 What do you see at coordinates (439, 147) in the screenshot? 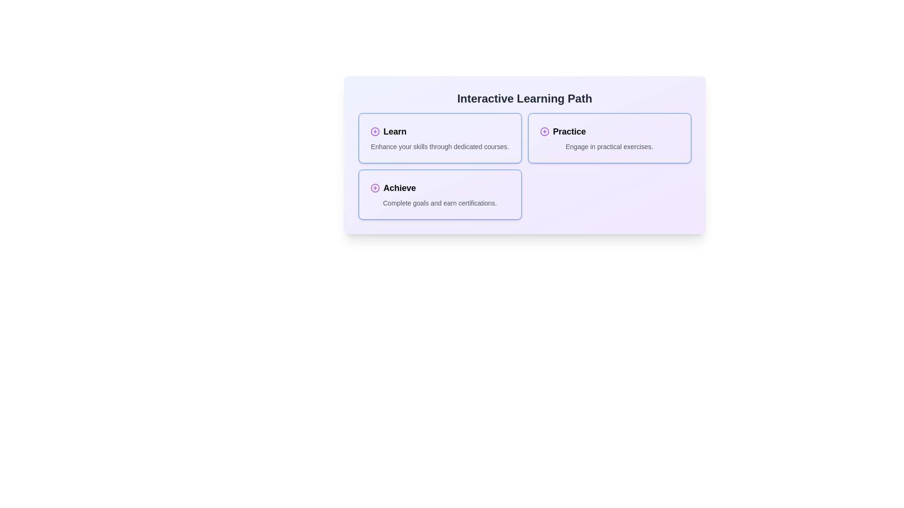
I see `the descriptive text element located beneath the 'Learn' title in the card, which provides additional information about the 'Learn' section` at bounding box center [439, 147].